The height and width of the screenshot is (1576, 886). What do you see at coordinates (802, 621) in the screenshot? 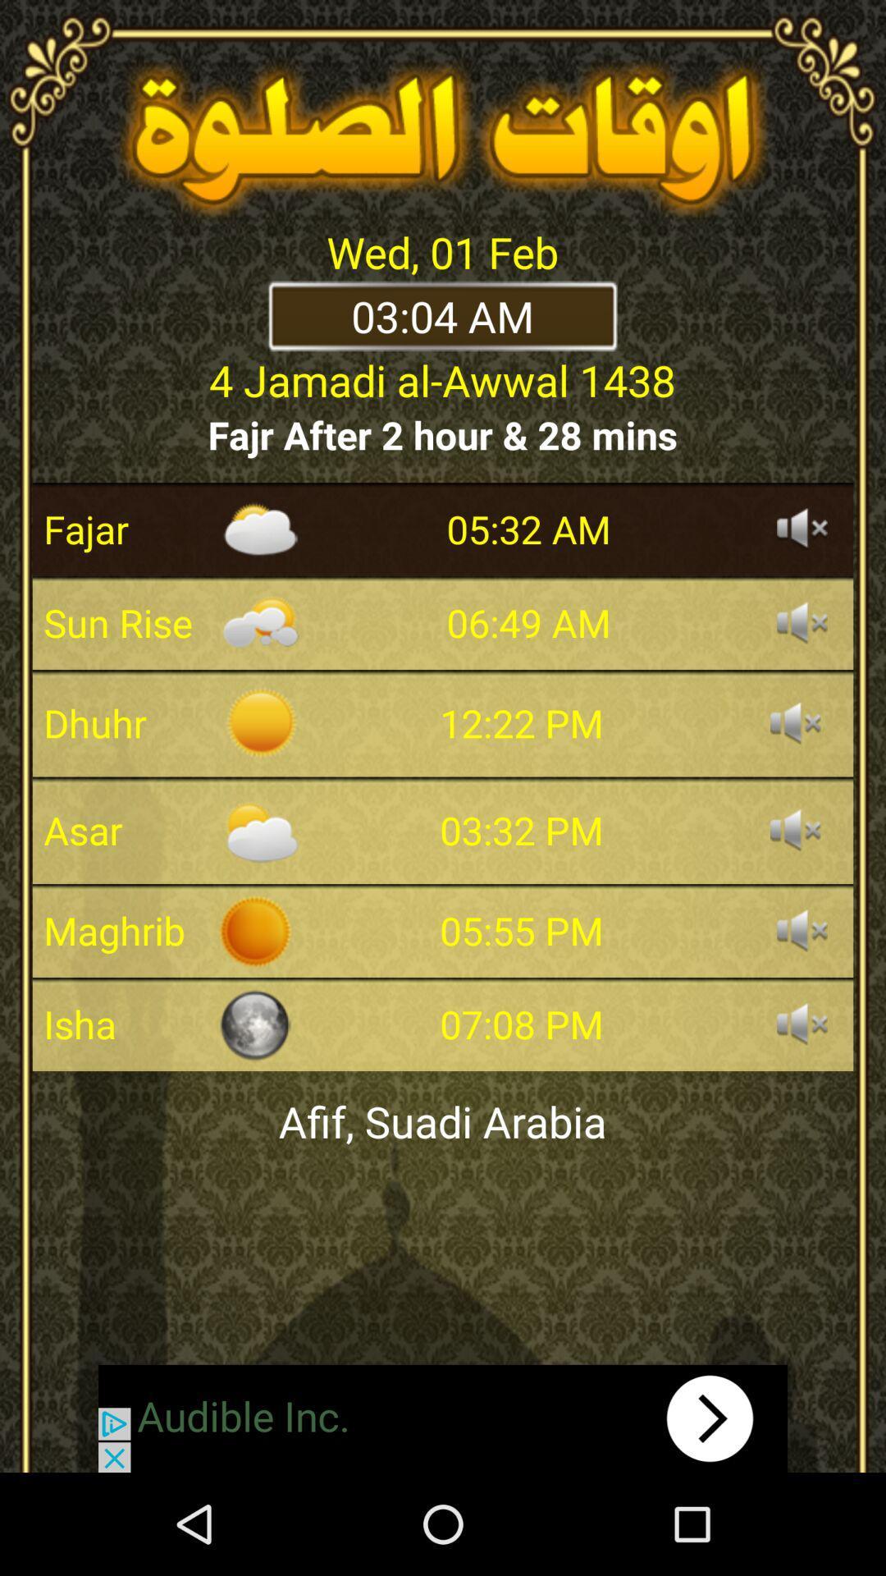
I see `sun rise button` at bounding box center [802, 621].